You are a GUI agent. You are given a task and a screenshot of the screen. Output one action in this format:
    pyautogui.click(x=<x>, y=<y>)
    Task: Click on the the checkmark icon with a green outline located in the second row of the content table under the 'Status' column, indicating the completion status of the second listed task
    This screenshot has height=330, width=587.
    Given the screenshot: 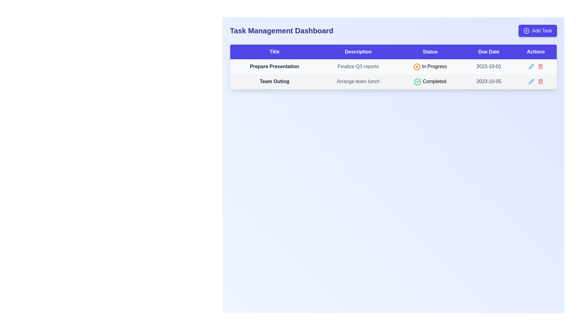 What is the action you would take?
    pyautogui.click(x=418, y=80)
    